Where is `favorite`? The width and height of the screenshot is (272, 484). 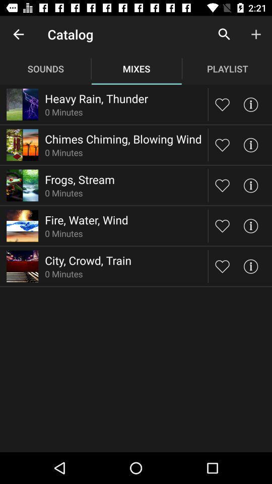
favorite is located at coordinates (222, 225).